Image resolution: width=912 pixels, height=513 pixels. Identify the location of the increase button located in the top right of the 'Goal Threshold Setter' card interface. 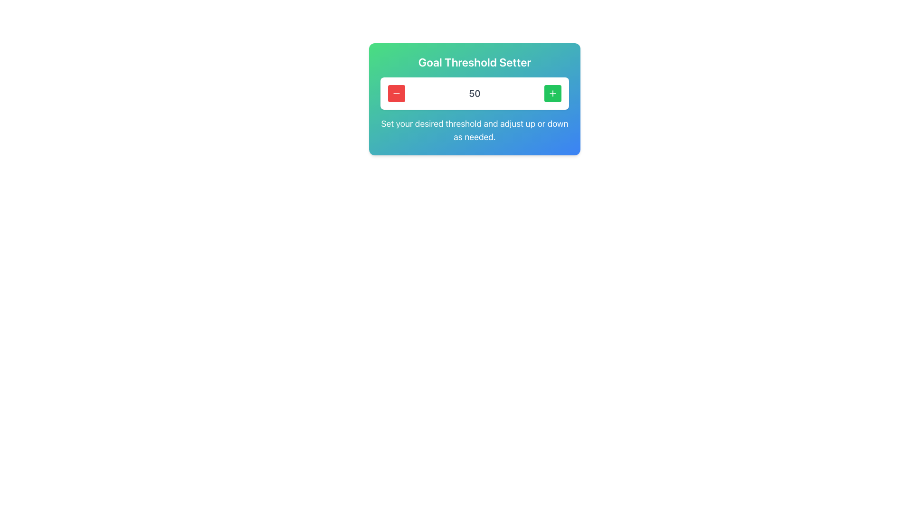
(552, 93).